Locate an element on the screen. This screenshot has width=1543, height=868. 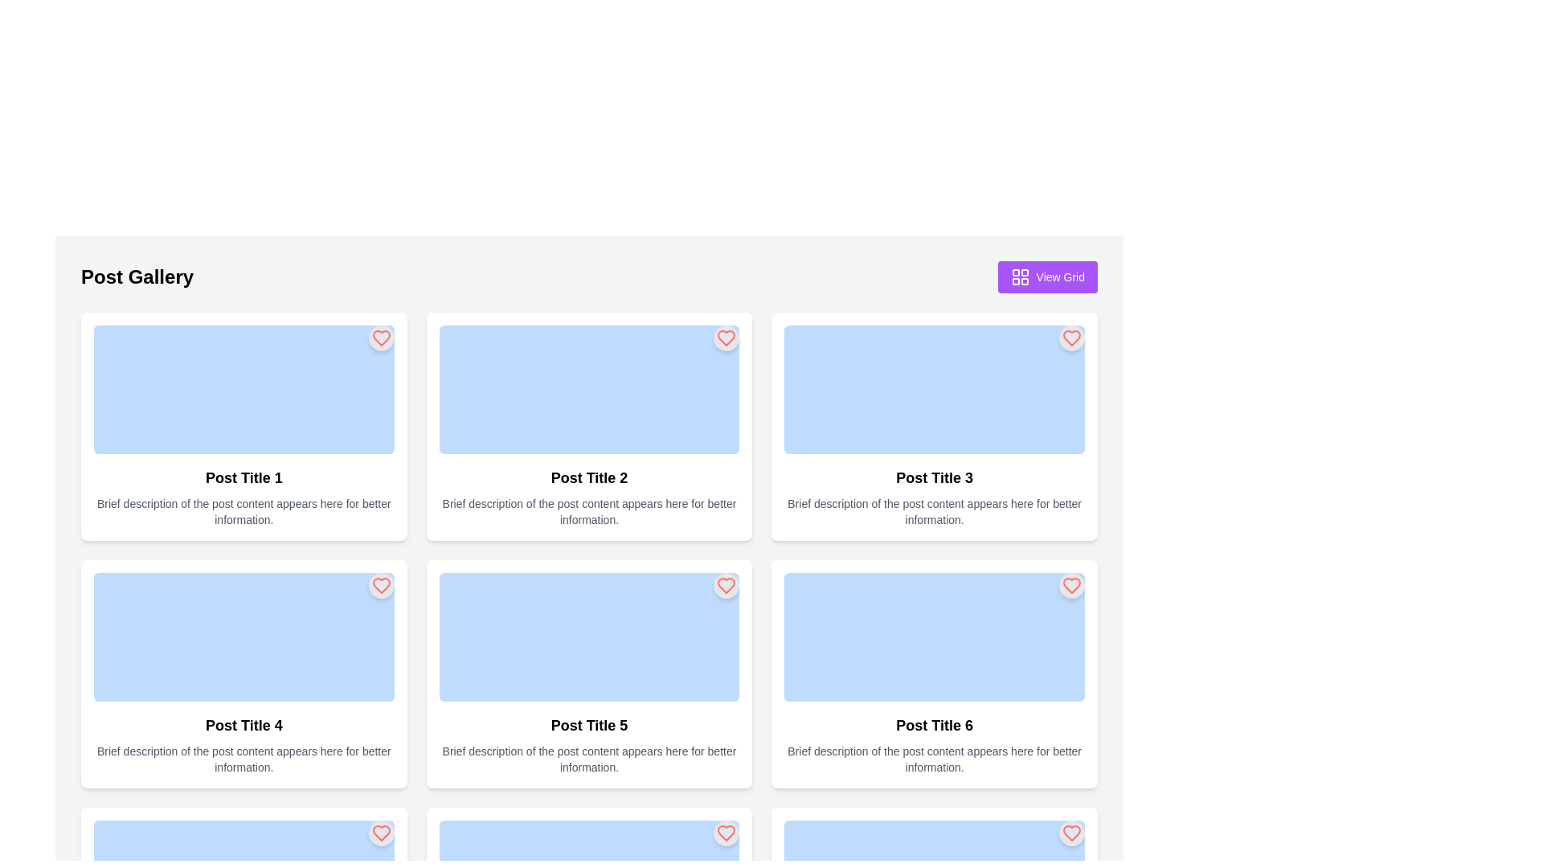
text from the label that displays 'Post Title 3', located in the third panel of the first row, below an image is located at coordinates (935, 477).